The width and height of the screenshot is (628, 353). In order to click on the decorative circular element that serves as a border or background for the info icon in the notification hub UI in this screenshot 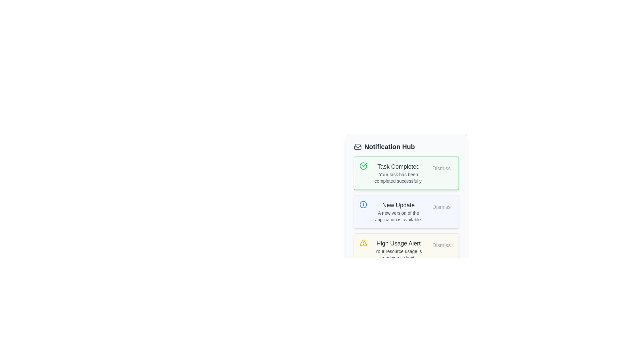, I will do `click(363, 204)`.